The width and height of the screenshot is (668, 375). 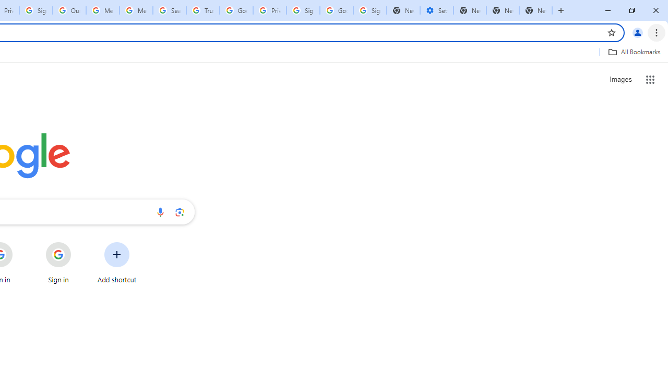 I want to click on 'Search for Images ', so click(x=621, y=79).